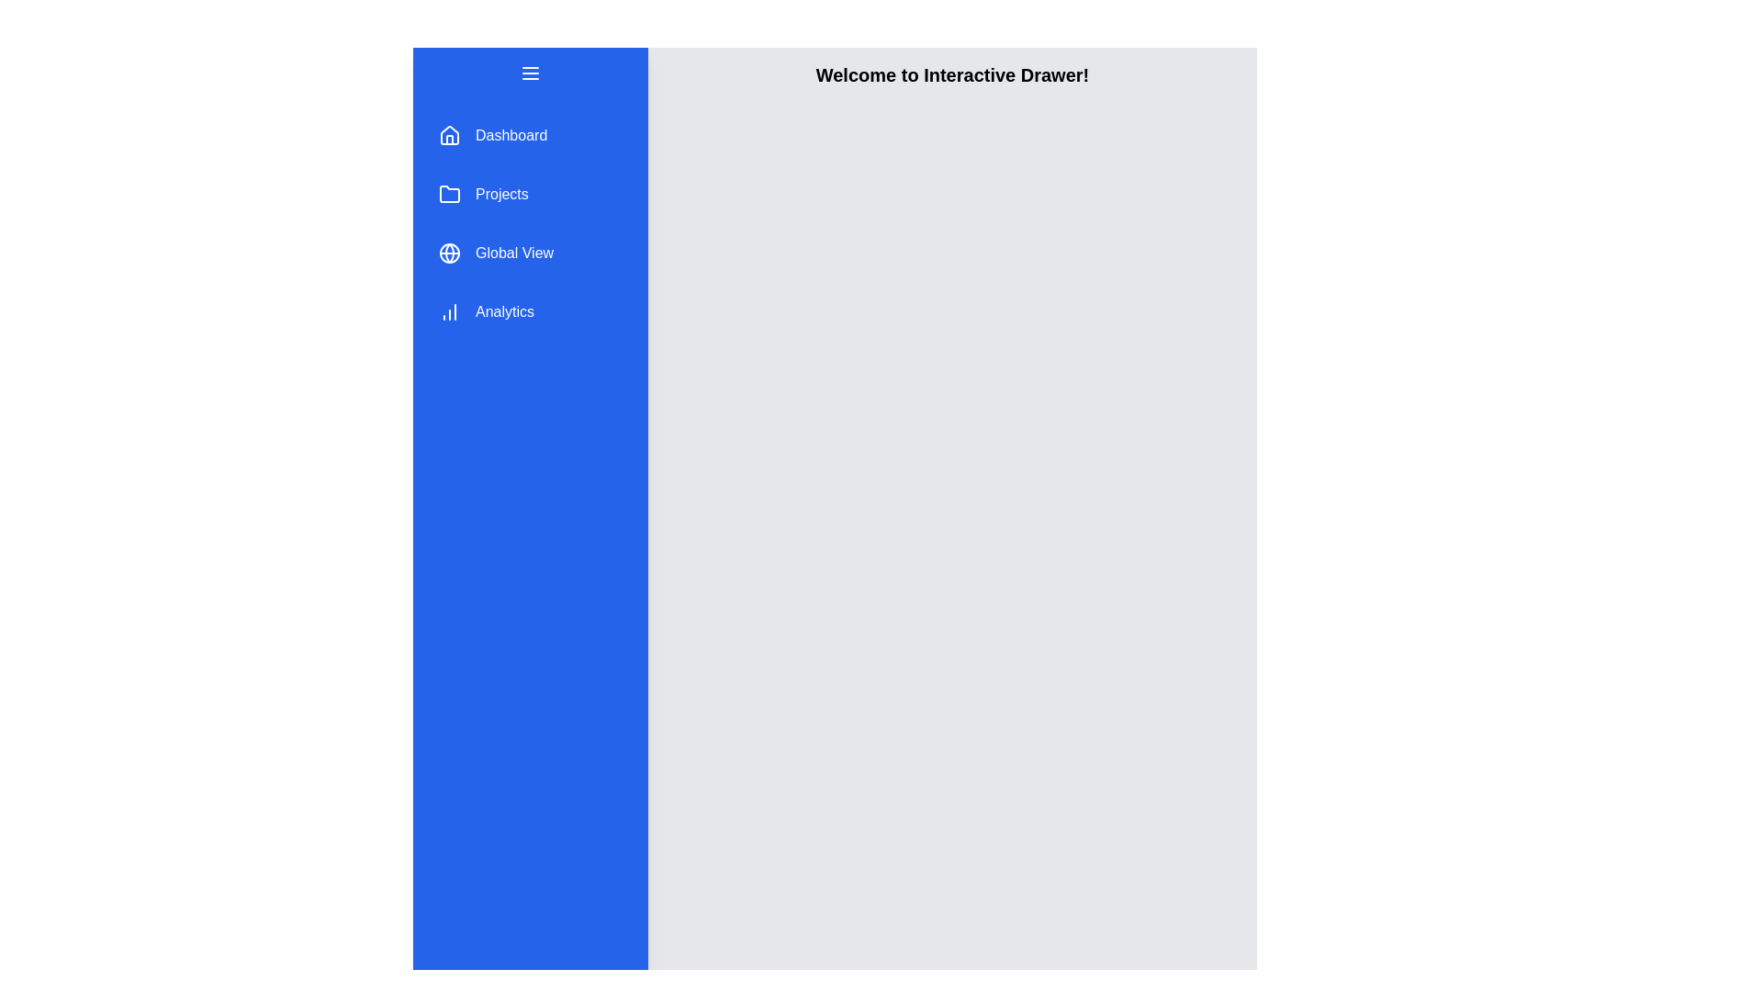  Describe the element at coordinates (529, 134) in the screenshot. I see `the menu item Dashboard to observe its hover effect` at that location.